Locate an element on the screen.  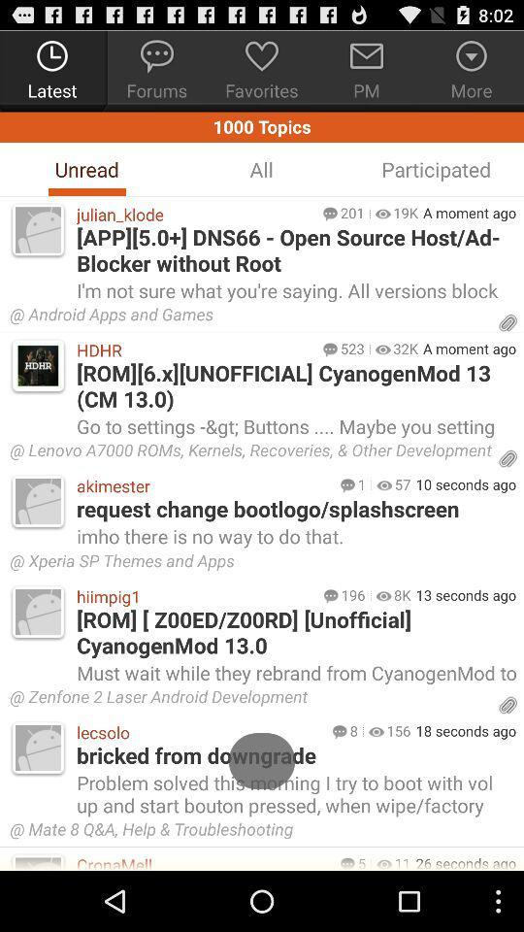
the icon above 26 seconds ago icon is located at coordinates (260, 831).